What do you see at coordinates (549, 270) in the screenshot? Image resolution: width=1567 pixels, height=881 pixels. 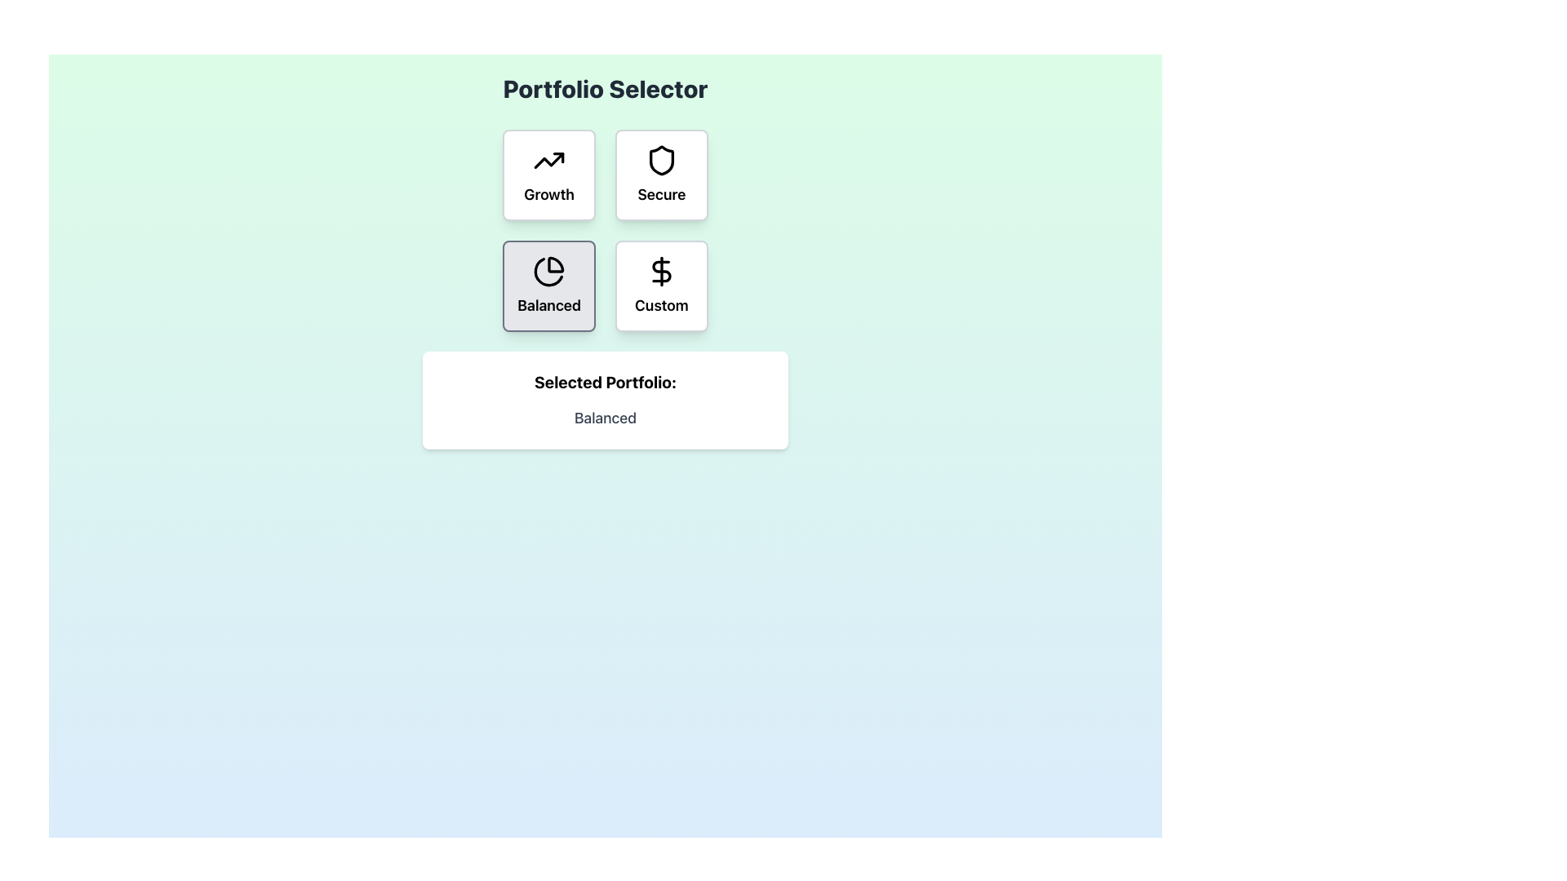 I see `the pie chart icon representing the 'Balanced' portfolio option, located in the first column of the second row in the portfolio selector UI` at bounding box center [549, 270].